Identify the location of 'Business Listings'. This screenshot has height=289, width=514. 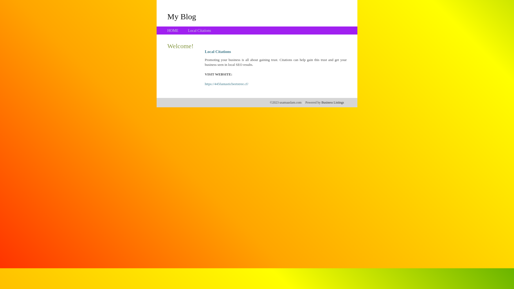
(321, 102).